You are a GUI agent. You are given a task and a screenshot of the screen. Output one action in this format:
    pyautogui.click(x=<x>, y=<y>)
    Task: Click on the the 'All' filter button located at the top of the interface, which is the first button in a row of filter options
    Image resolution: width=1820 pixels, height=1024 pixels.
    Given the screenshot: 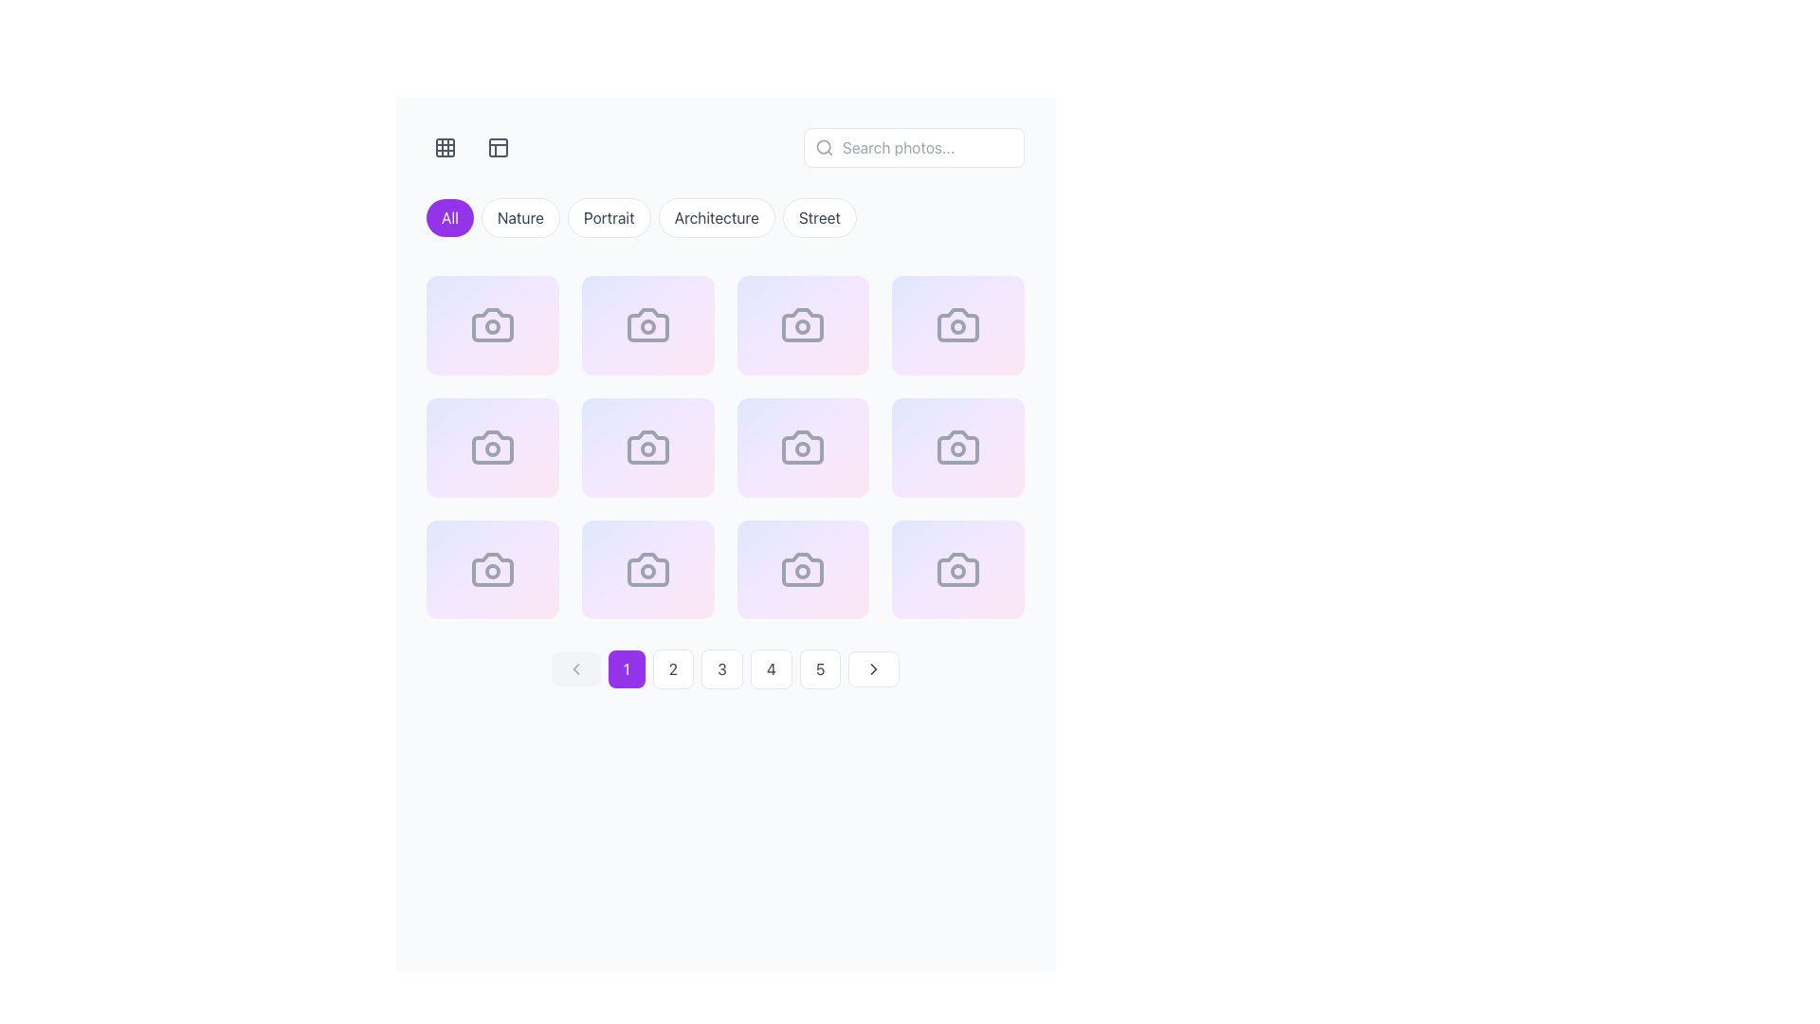 What is the action you would take?
    pyautogui.click(x=449, y=217)
    